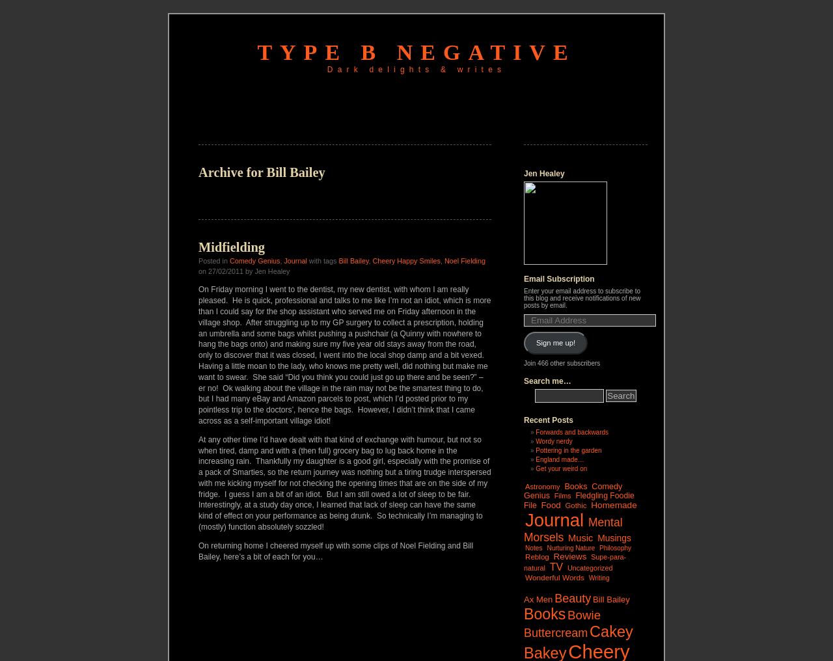 The width and height of the screenshot is (833, 661). What do you see at coordinates (547, 381) in the screenshot?
I see `'Search me…'` at bounding box center [547, 381].